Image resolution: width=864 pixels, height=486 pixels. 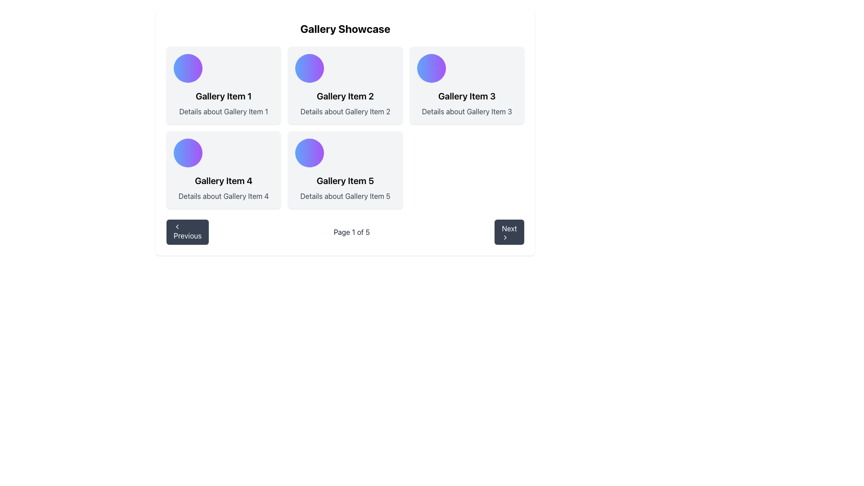 What do you see at coordinates (187, 67) in the screenshot?
I see `the decorative circular graphical element with a blue to purple gradient located at the top-left corner of the card labeled 'Gallery Item 1' in the grid layout` at bounding box center [187, 67].